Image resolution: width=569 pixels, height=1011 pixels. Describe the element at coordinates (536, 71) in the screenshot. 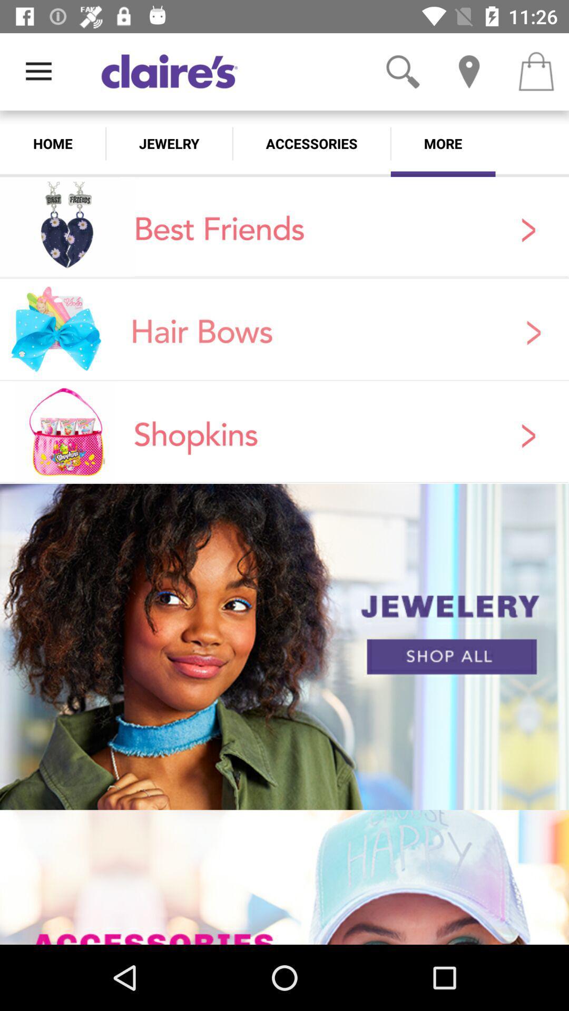

I see `look at shopping cart` at that location.